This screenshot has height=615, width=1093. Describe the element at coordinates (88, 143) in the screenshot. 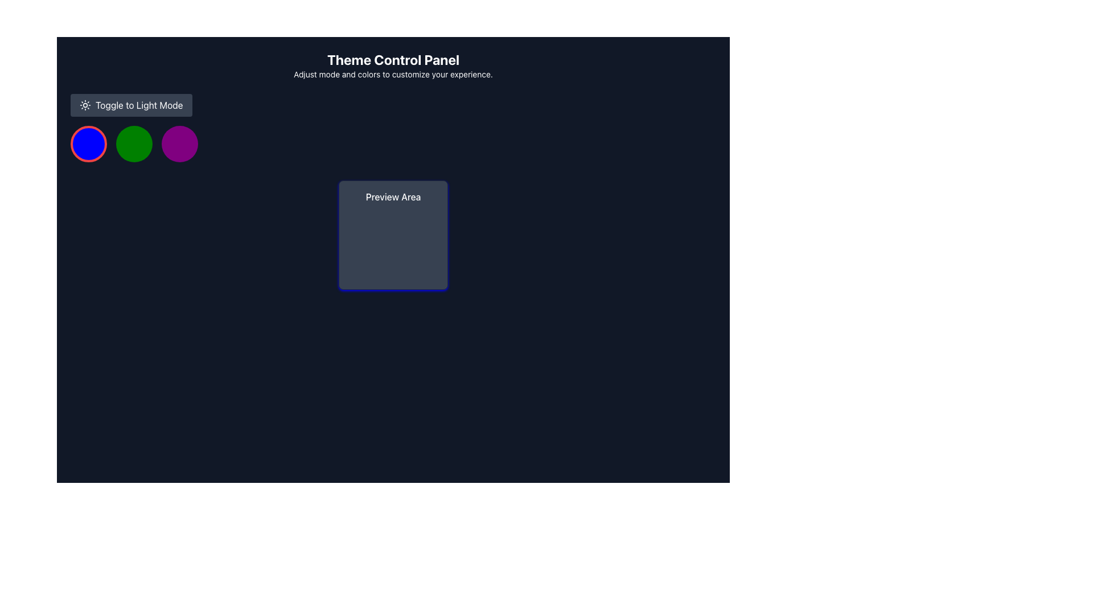

I see `the first circular button located to the left of the green button and further left of the purple button` at that location.